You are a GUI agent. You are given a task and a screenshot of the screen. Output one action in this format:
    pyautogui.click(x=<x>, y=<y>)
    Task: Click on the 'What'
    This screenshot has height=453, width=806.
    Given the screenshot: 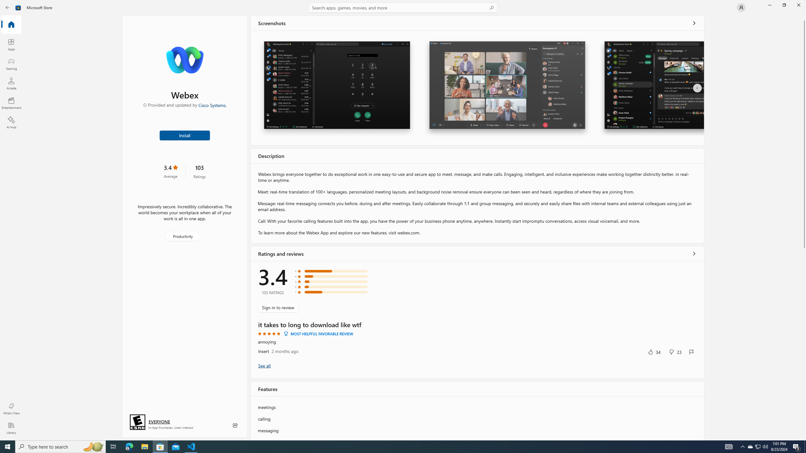 What is the action you would take?
    pyautogui.click(x=11, y=408)
    